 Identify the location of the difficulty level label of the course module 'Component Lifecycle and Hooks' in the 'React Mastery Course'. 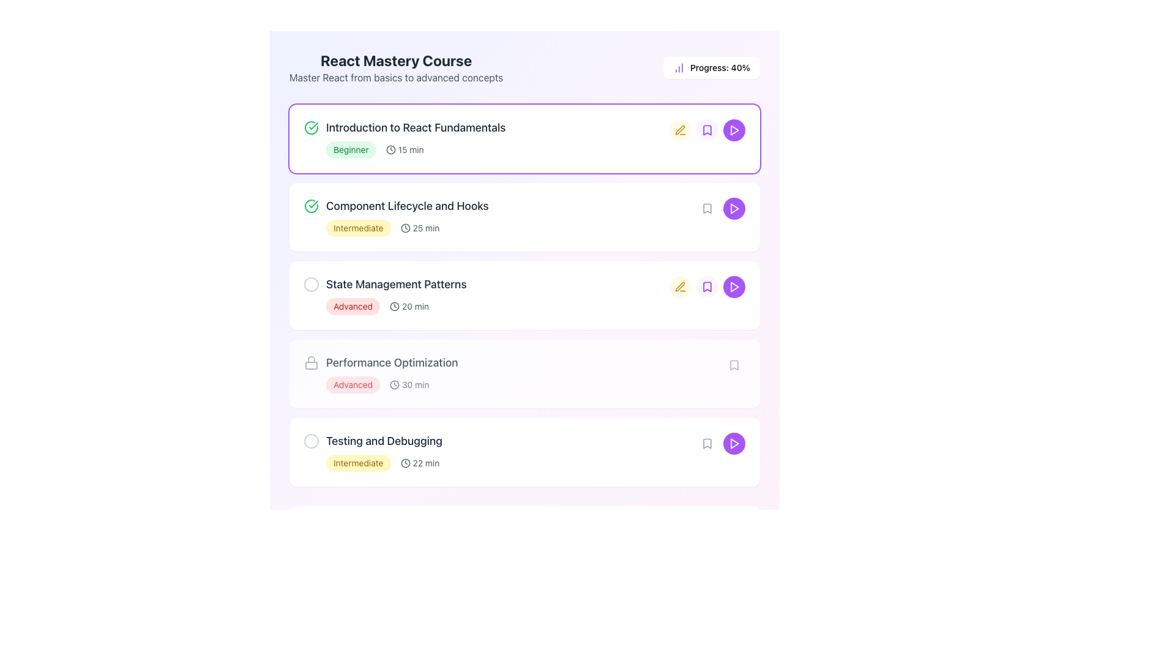
(357, 228).